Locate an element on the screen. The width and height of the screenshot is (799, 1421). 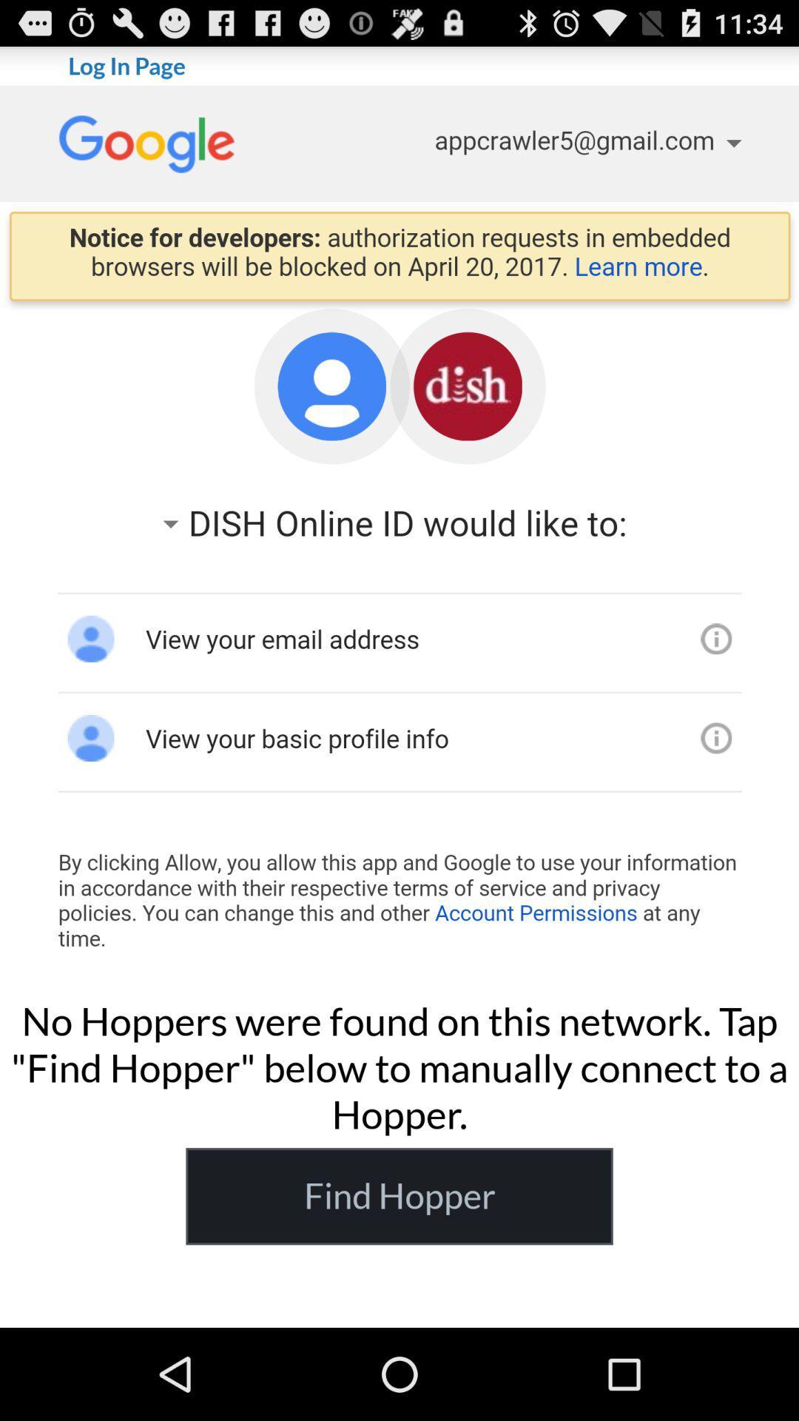
google login page is located at coordinates (399, 534).